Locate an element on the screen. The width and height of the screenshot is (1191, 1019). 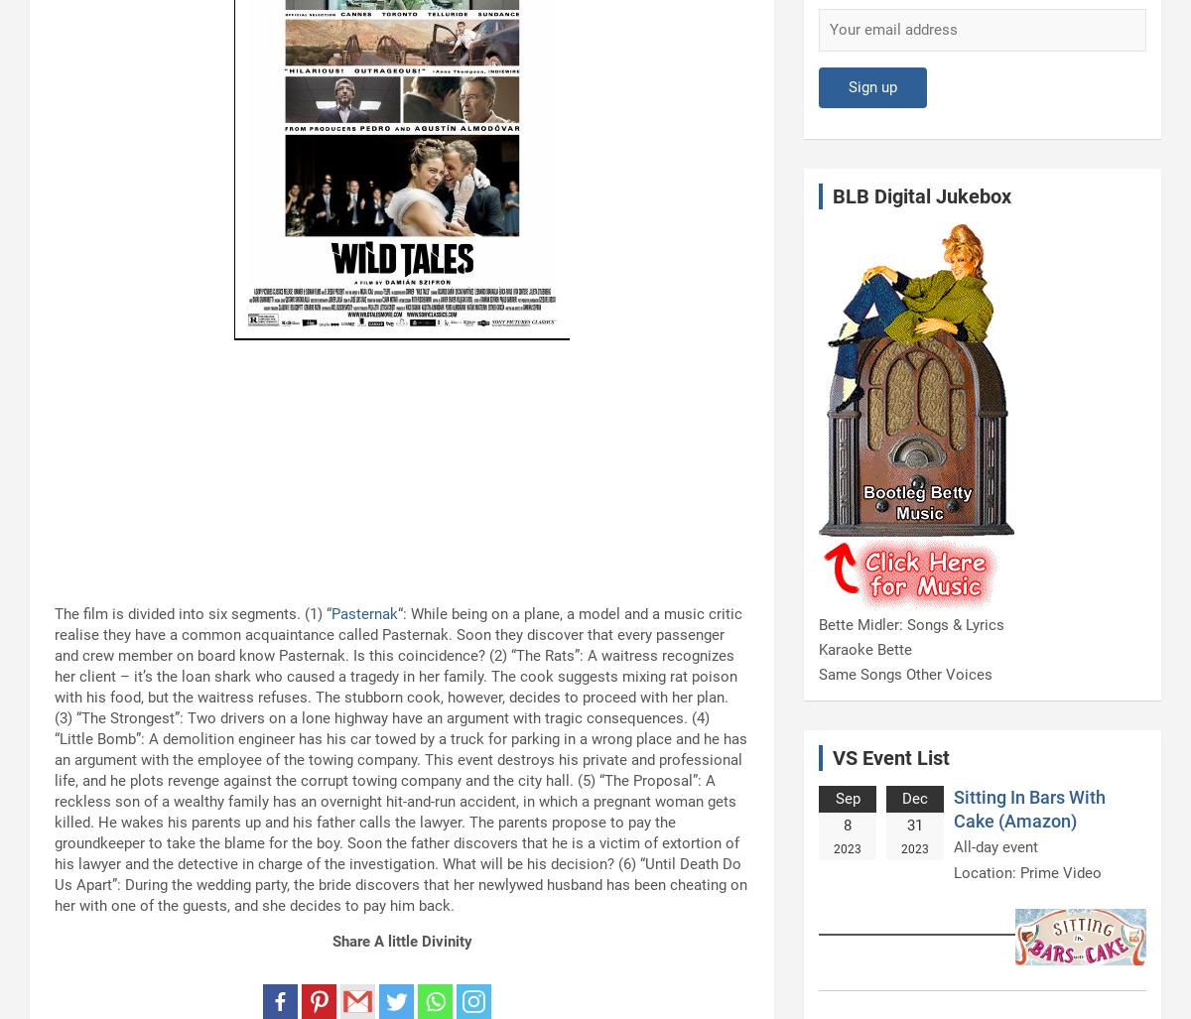
'Prime Video' is located at coordinates (1059, 872).